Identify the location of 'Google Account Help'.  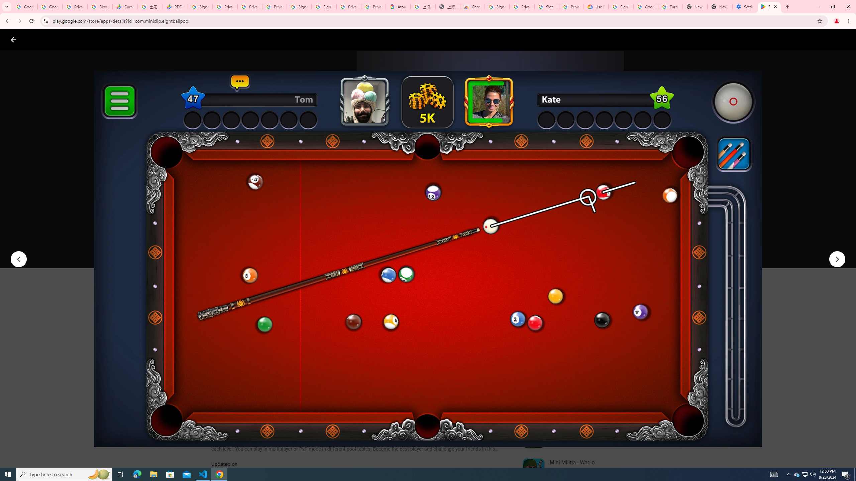
(645, 6).